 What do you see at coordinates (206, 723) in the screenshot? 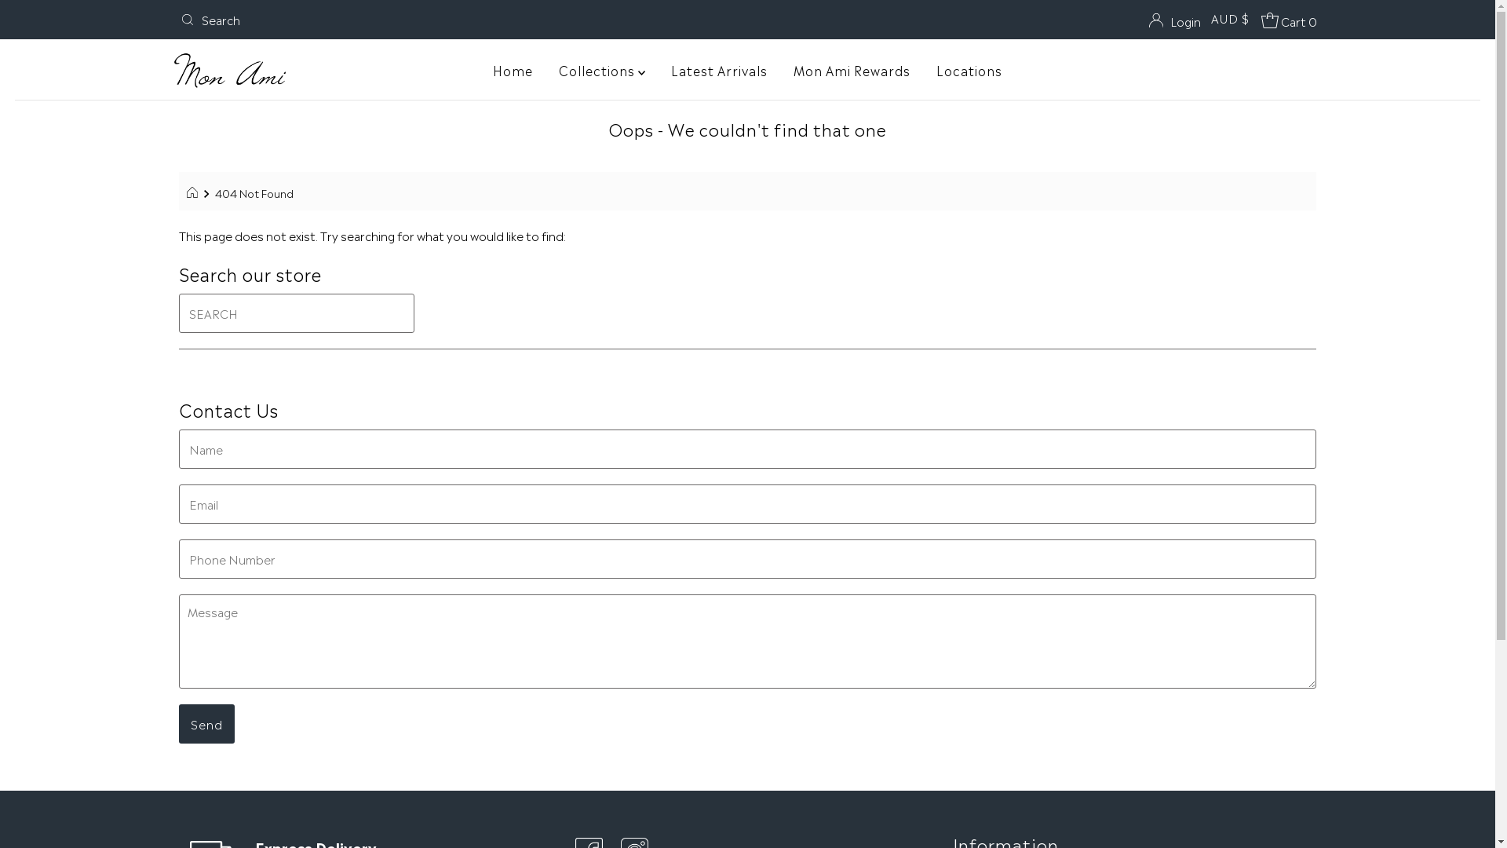
I see `'Send'` at bounding box center [206, 723].